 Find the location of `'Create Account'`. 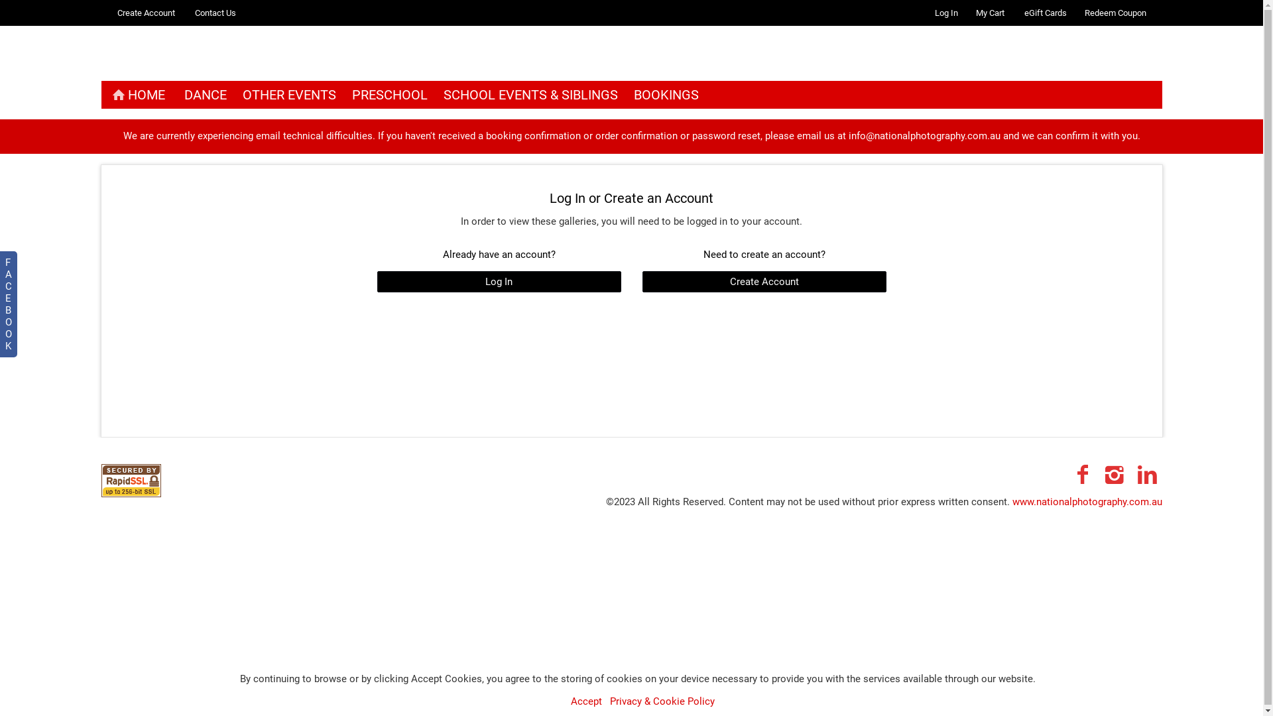

'Create Account' is located at coordinates (145, 13).